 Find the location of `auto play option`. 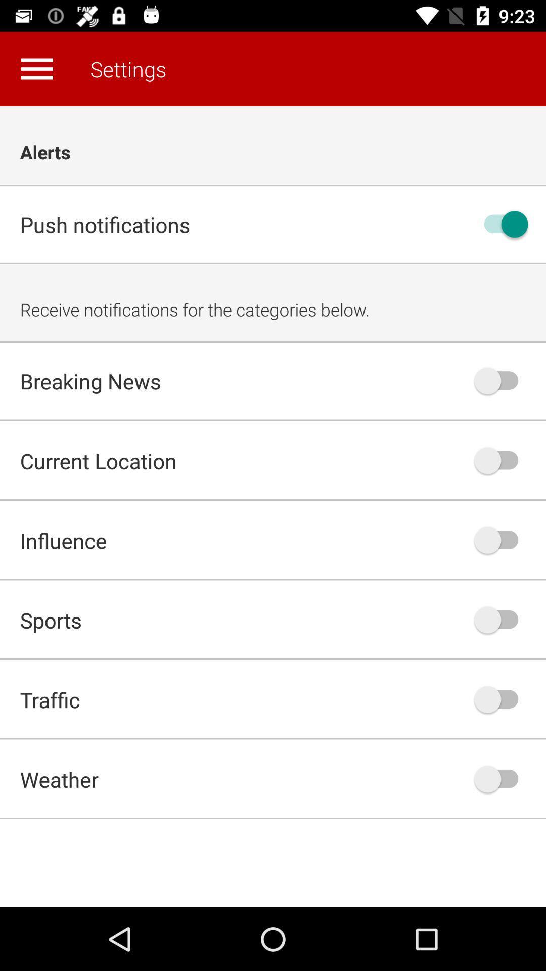

auto play option is located at coordinates (501, 699).